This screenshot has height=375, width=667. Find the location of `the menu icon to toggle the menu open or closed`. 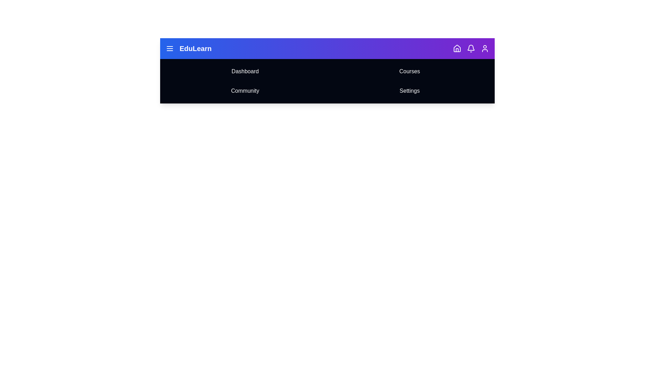

the menu icon to toggle the menu open or closed is located at coordinates (170, 48).